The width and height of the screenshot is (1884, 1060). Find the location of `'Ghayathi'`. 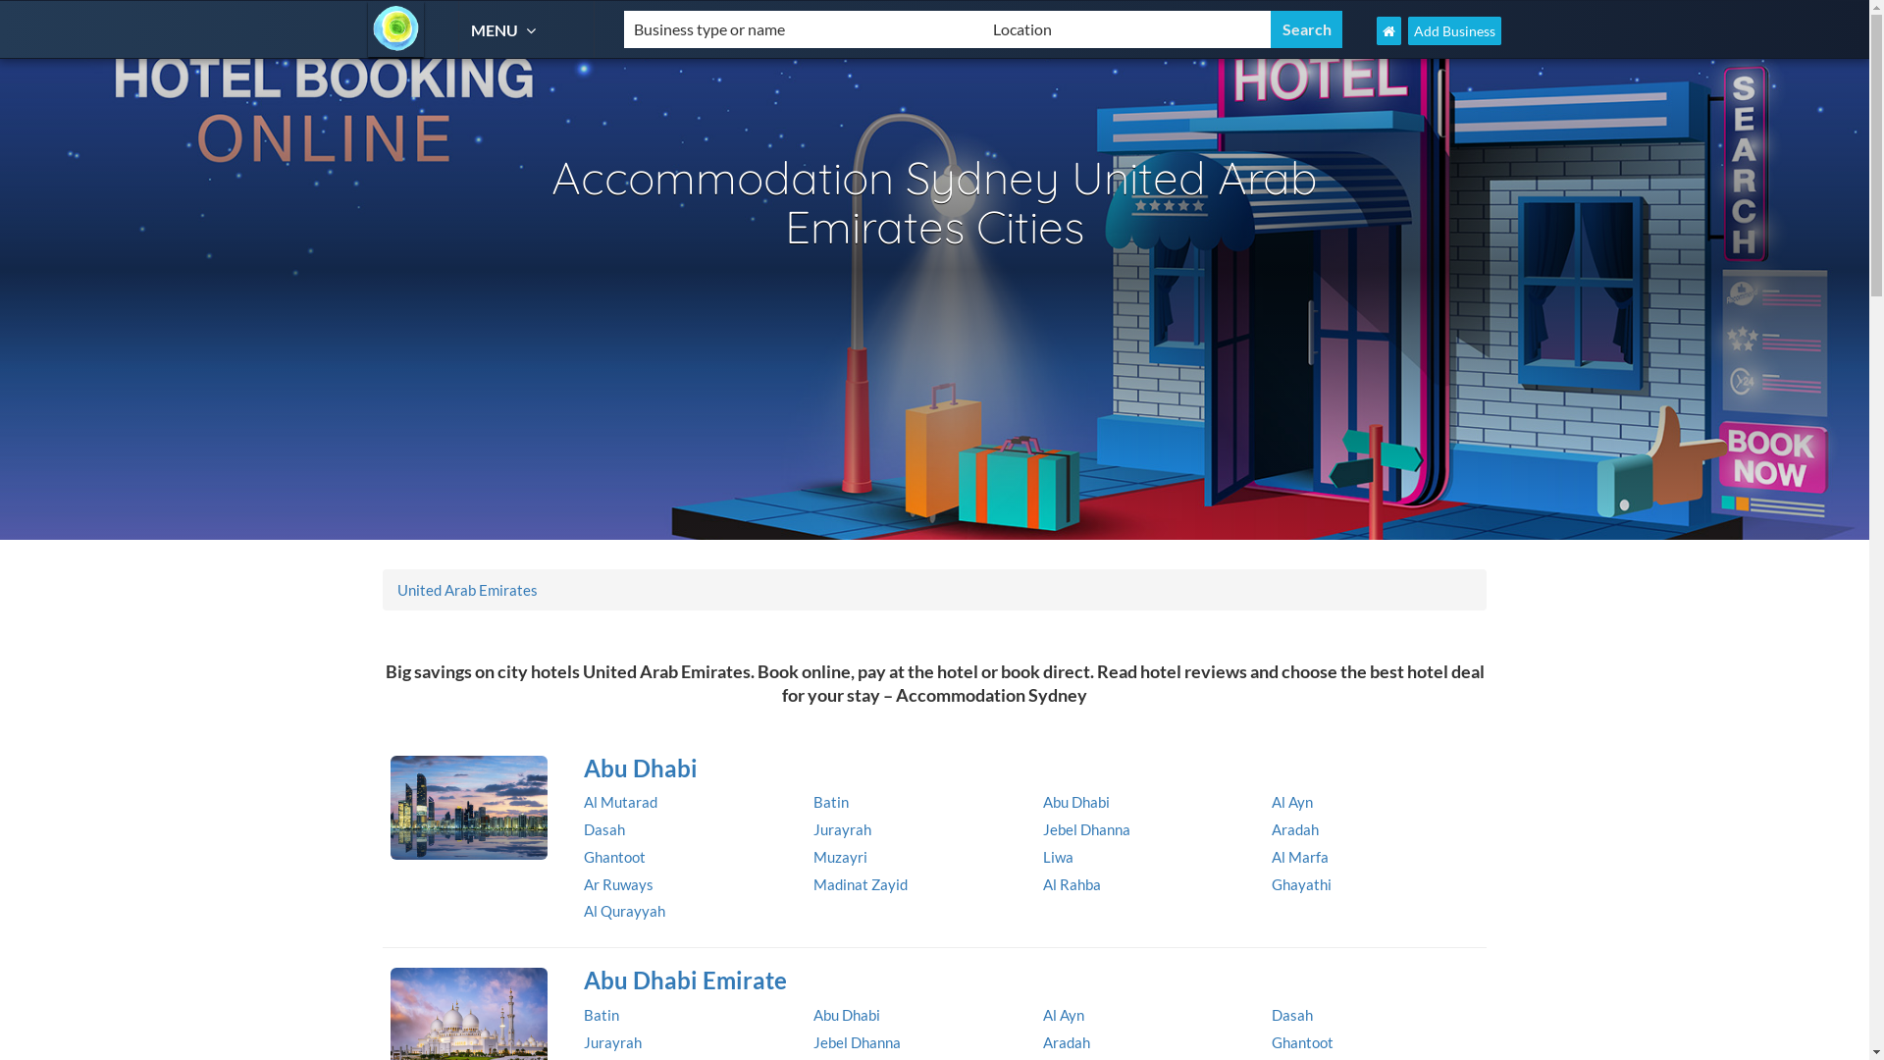

'Ghayathi' is located at coordinates (1301, 884).